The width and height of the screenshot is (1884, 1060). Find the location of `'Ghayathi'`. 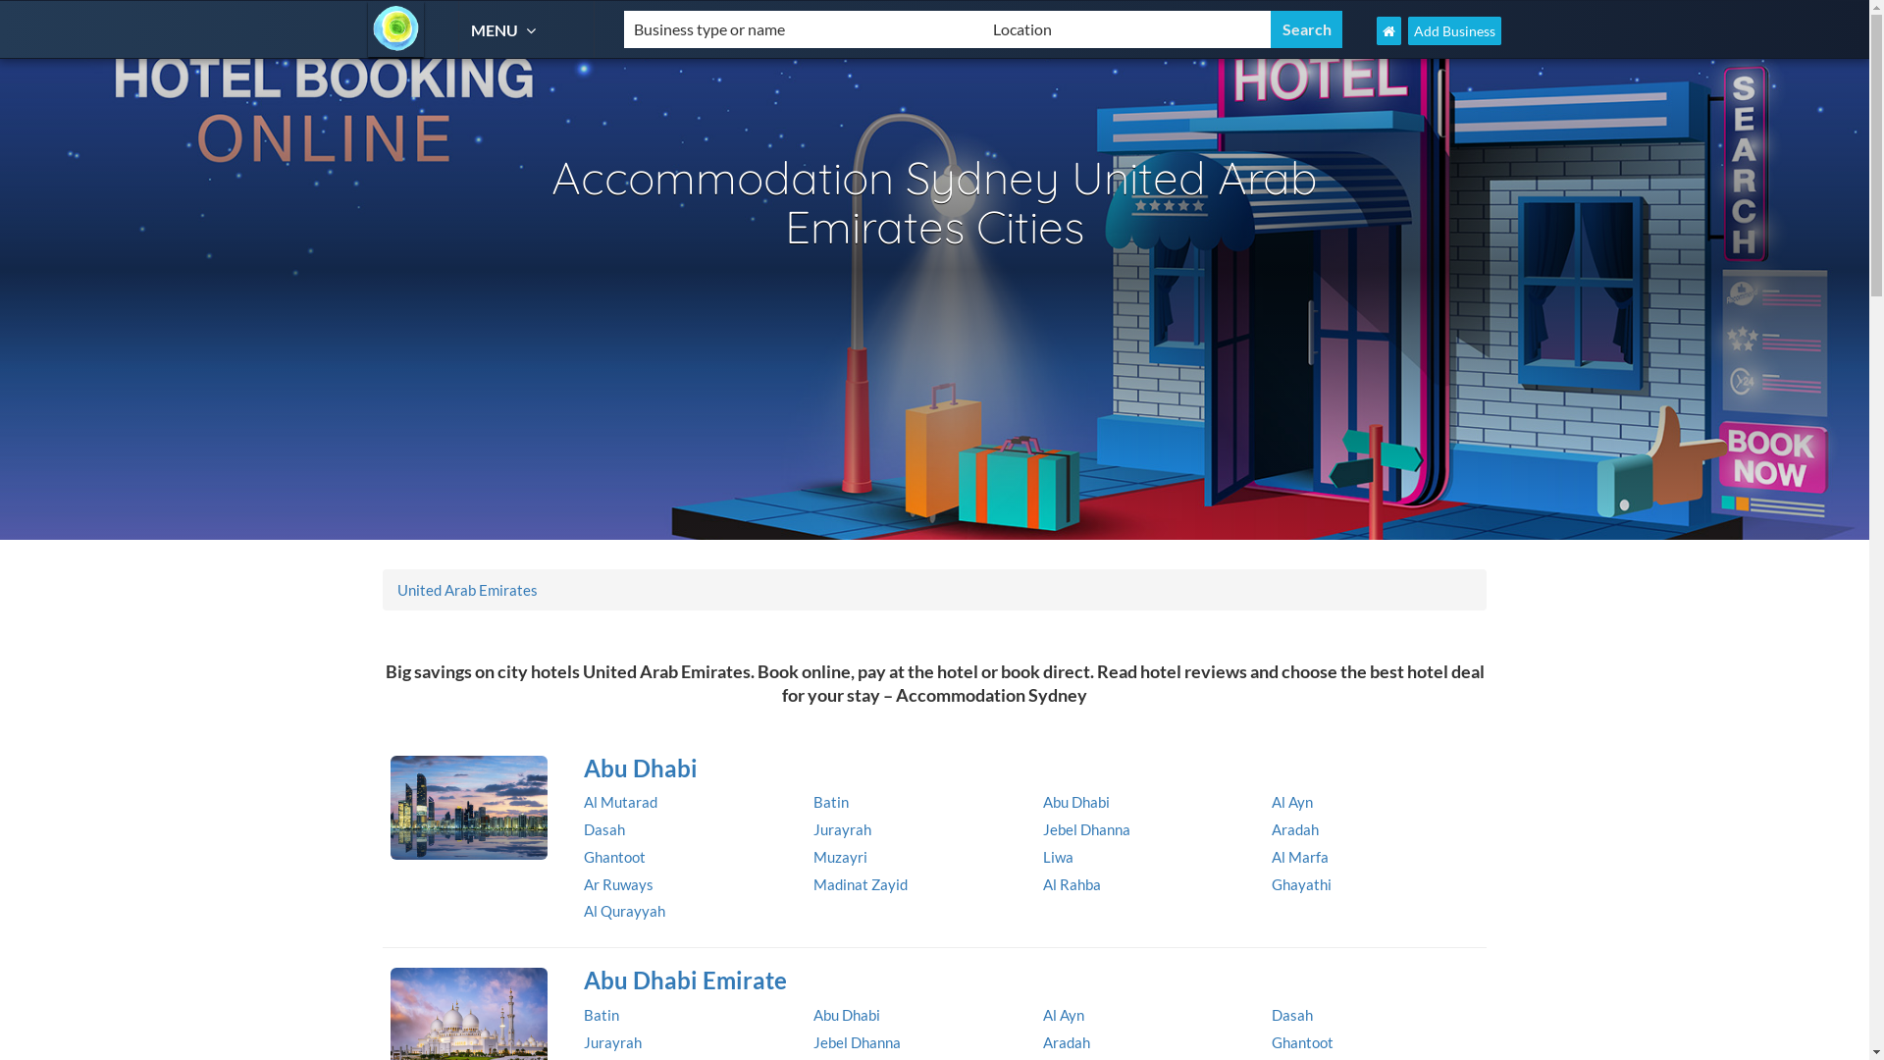

'Ghayathi' is located at coordinates (1301, 884).